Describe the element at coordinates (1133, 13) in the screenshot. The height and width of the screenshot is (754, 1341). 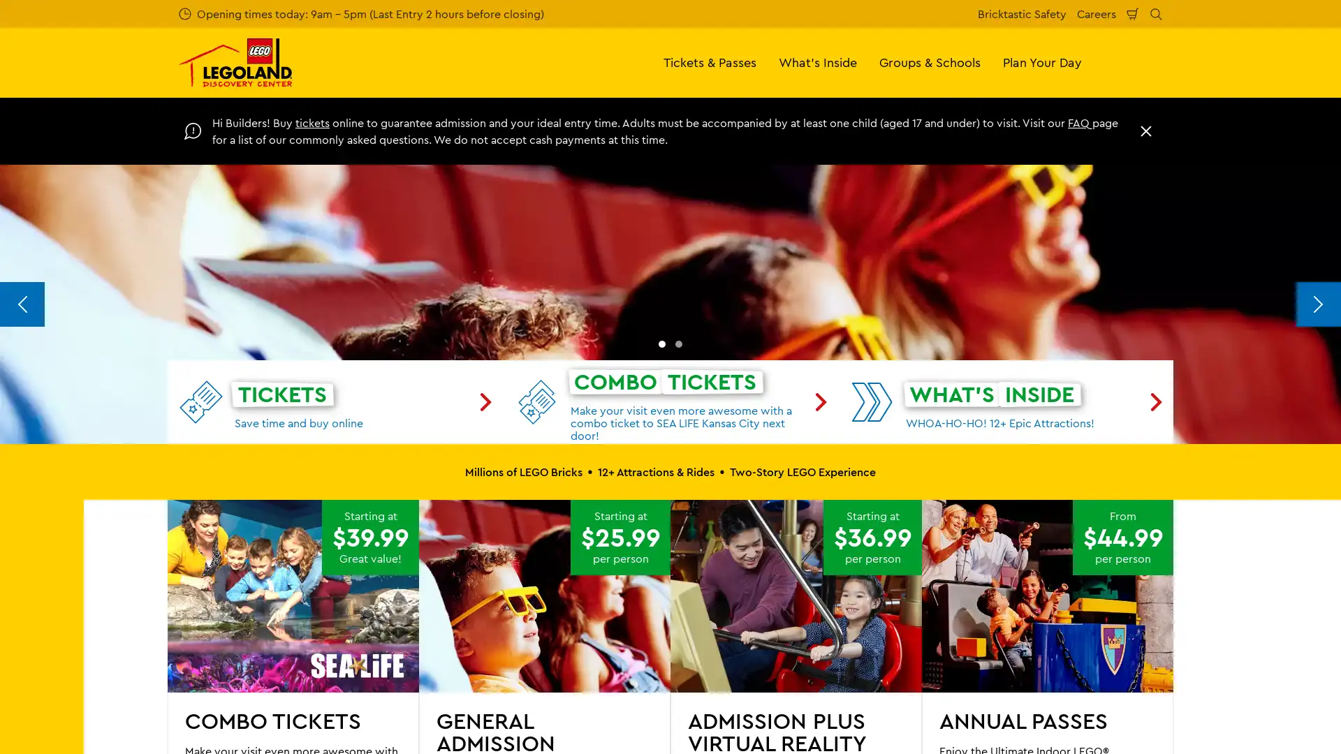
I see `Shopping Cart` at that location.